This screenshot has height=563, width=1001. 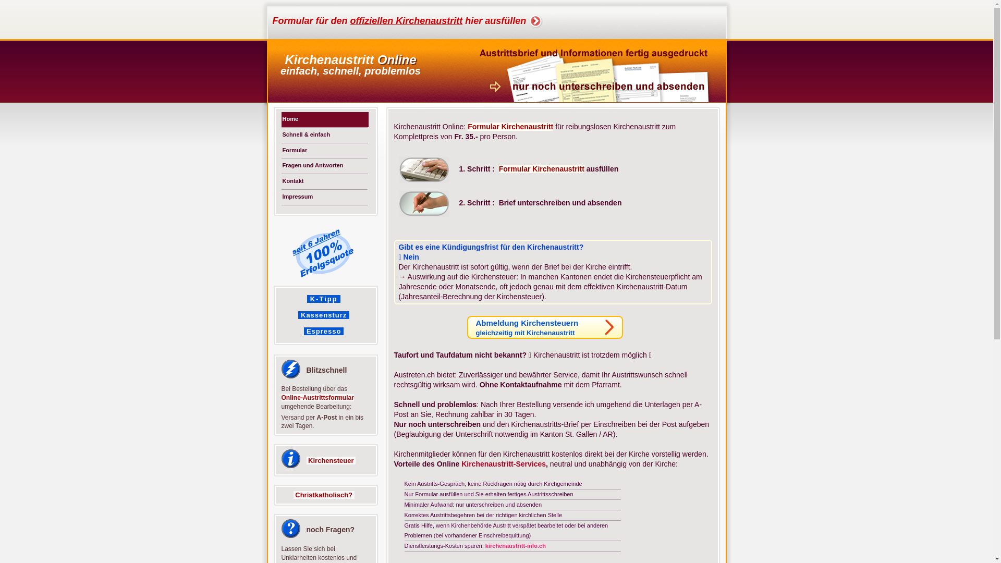 I want to click on 'Kirchenaustritt-Services', so click(x=503, y=463).